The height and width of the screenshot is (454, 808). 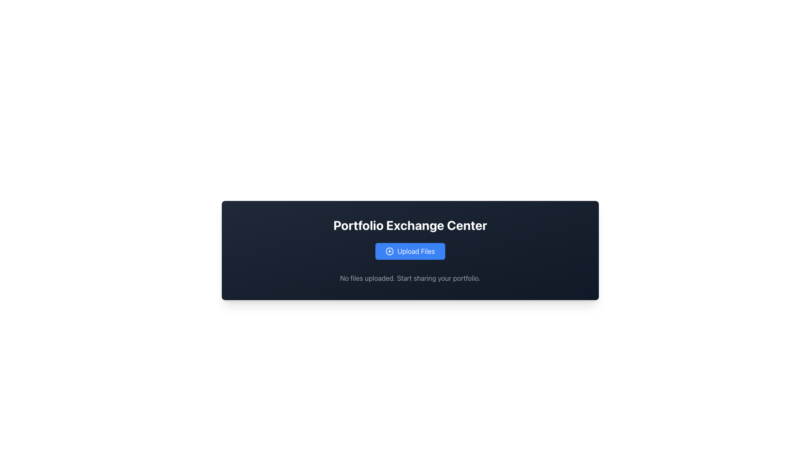 What do you see at coordinates (389, 251) in the screenshot?
I see `the SVG circle element that represents a 'plus' symbol, which is part of an icon located near the 'Upload Files' button` at bounding box center [389, 251].